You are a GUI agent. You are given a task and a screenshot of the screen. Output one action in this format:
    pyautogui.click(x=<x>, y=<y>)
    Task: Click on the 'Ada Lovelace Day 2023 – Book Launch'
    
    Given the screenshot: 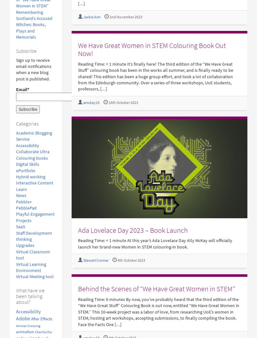 What is the action you would take?
    pyautogui.click(x=132, y=230)
    